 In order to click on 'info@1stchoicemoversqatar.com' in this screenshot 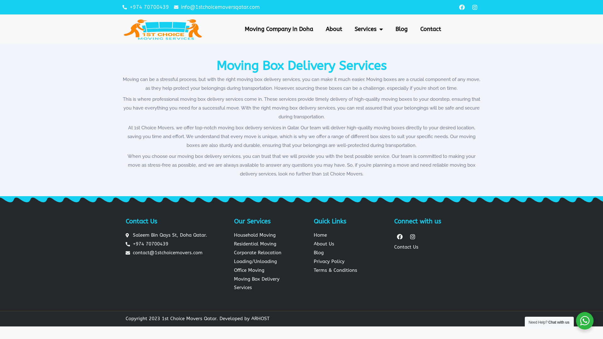, I will do `click(217, 7)`.